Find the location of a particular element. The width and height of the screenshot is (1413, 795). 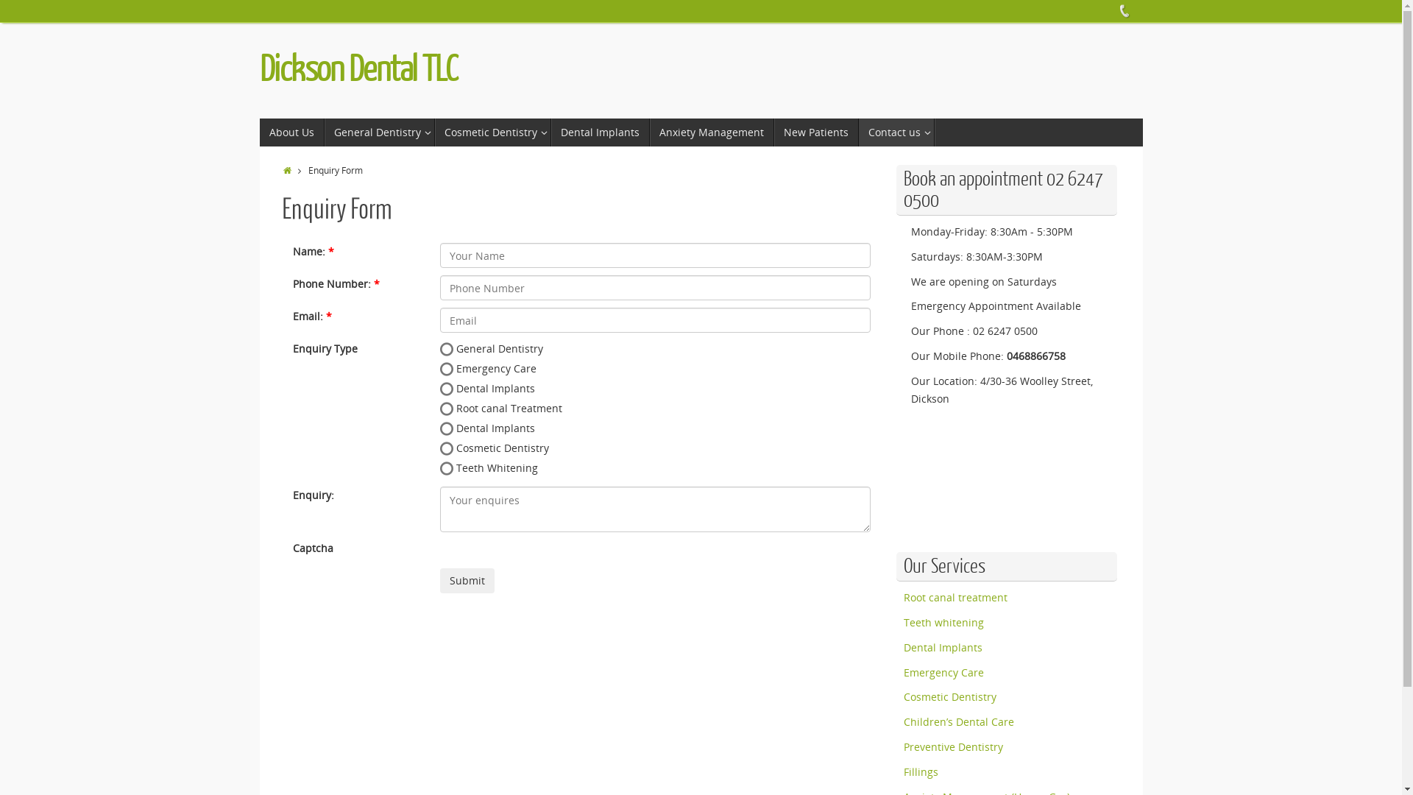

'New Patients' is located at coordinates (773, 132).